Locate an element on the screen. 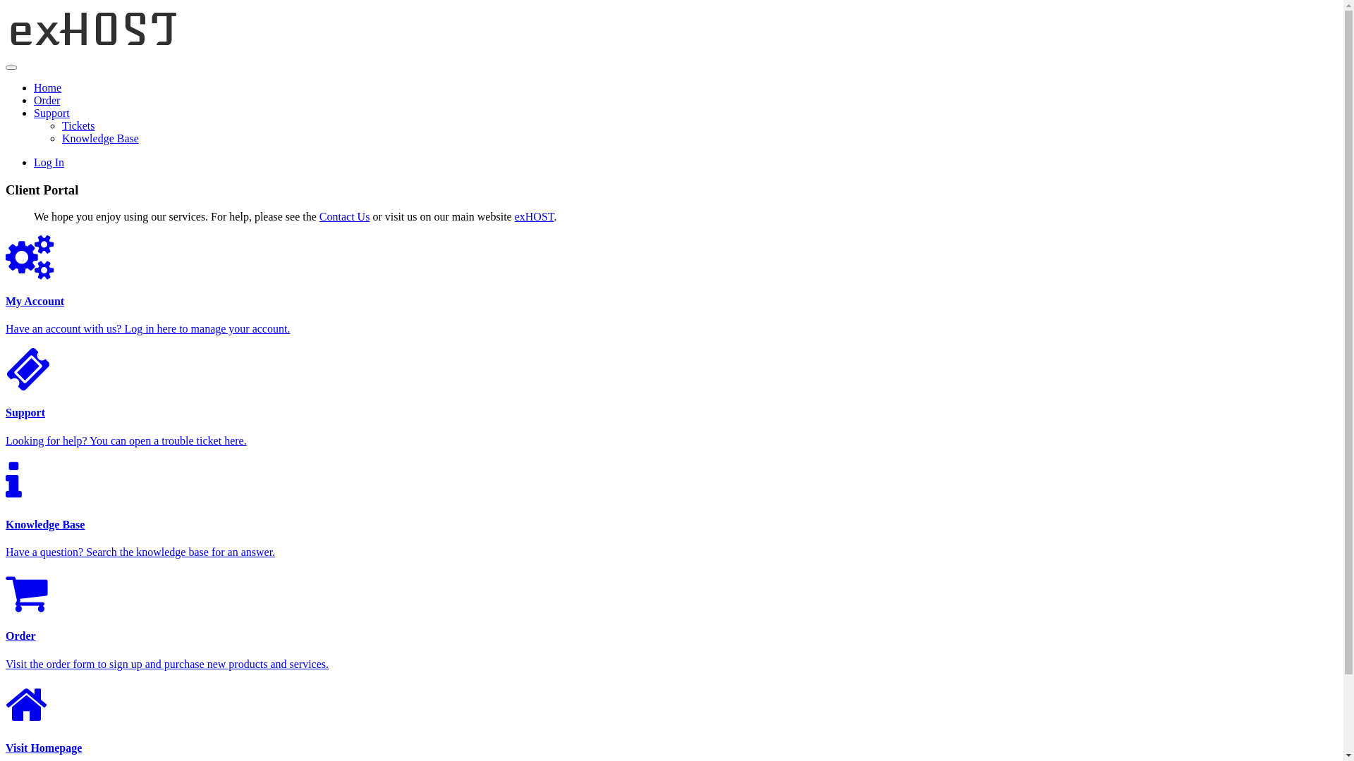 This screenshot has height=761, width=1354. 'Home' is located at coordinates (47, 87).